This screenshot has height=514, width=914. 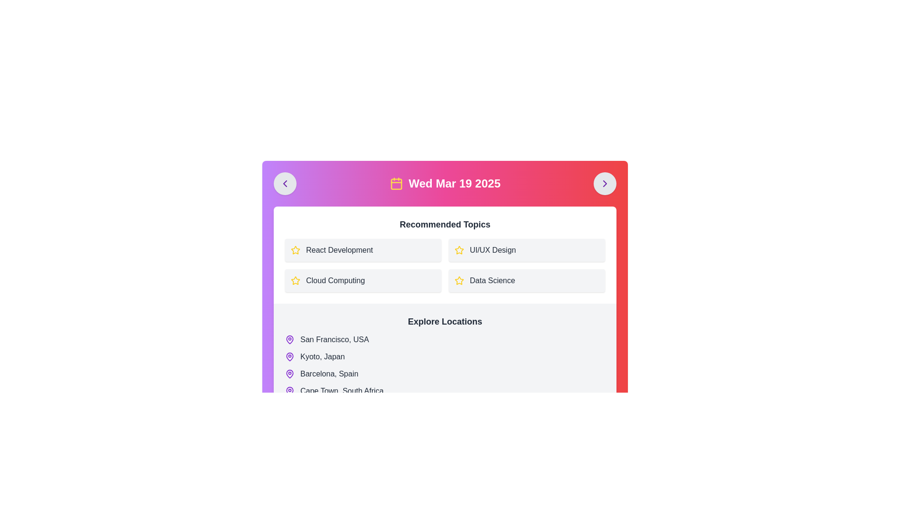 What do you see at coordinates (445, 183) in the screenshot?
I see `date information displayed in the Text Display with Icon, which shows 'Wed Mar 19 2025' with a vibrant gradient background and a yellow calendar icon` at bounding box center [445, 183].